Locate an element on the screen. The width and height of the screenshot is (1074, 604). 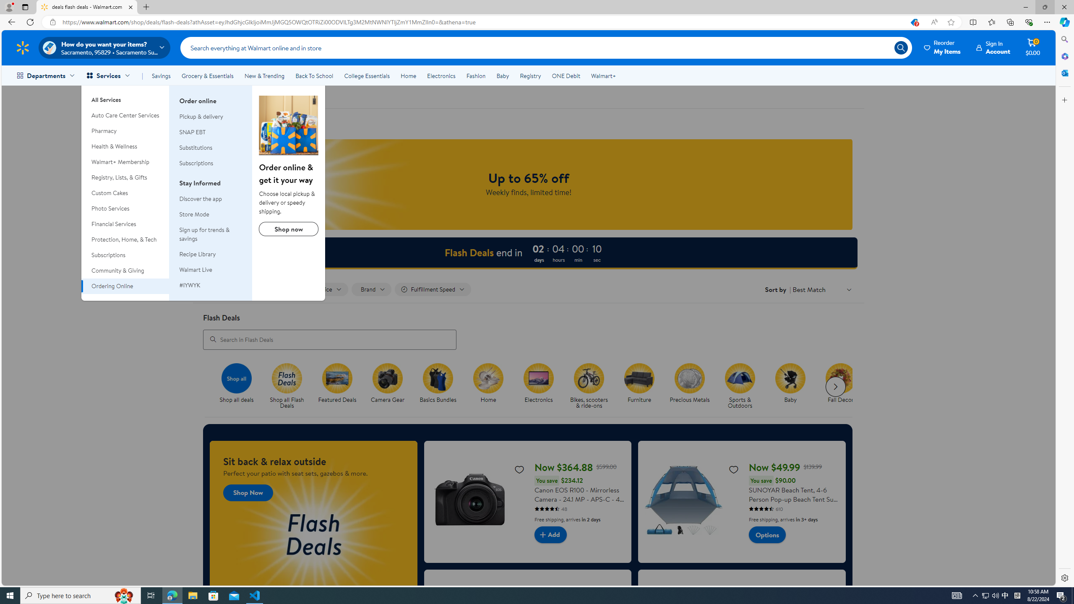
'Baby Baby' is located at coordinates (790, 383).